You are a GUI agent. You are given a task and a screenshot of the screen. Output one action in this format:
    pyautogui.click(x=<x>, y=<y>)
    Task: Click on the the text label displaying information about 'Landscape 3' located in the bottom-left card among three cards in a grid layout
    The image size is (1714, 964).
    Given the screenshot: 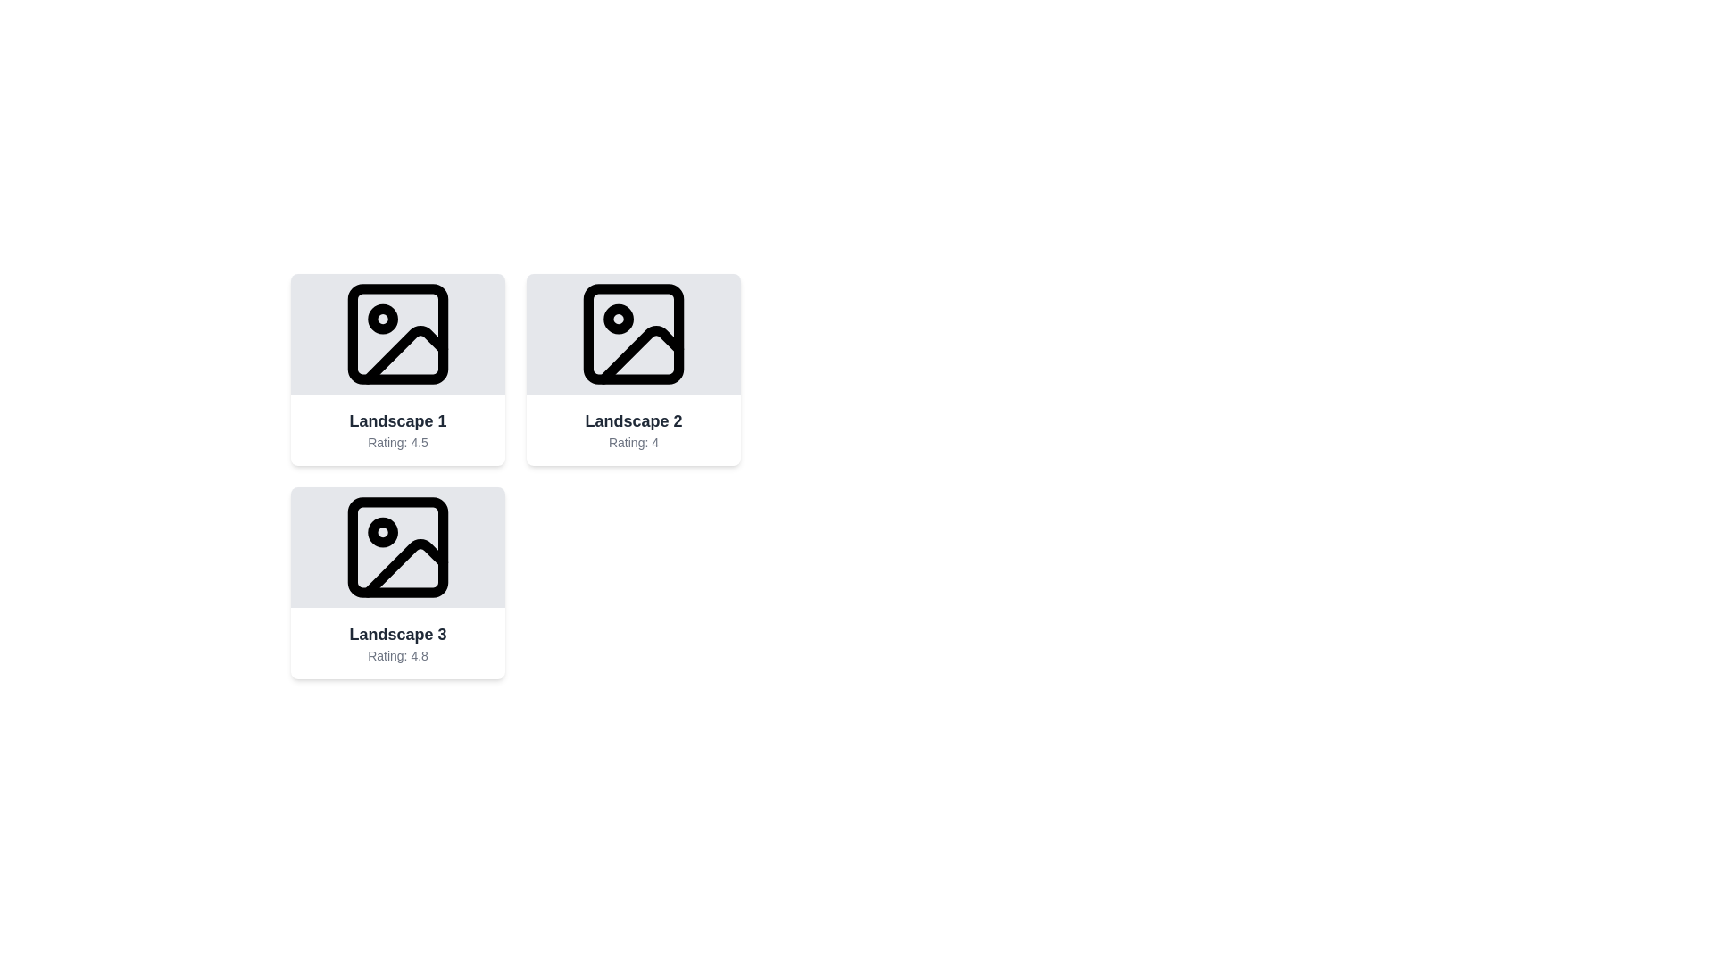 What is the action you would take?
    pyautogui.click(x=397, y=644)
    